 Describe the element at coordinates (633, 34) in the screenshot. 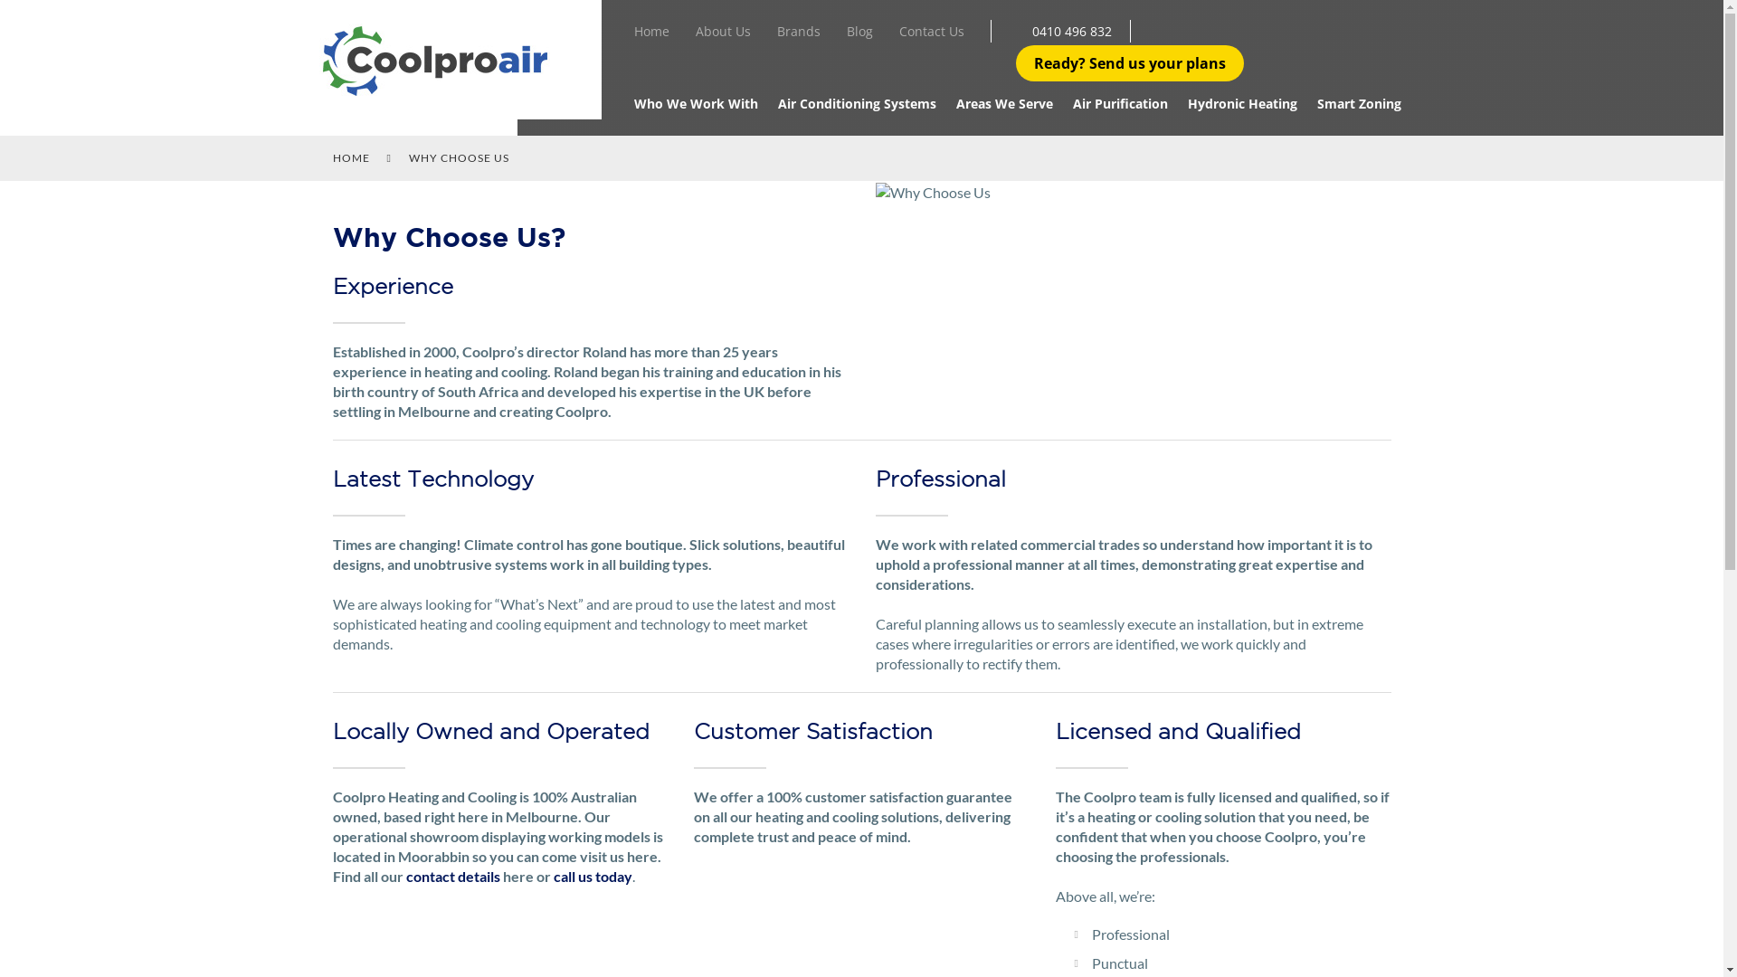

I see `'Home'` at that location.